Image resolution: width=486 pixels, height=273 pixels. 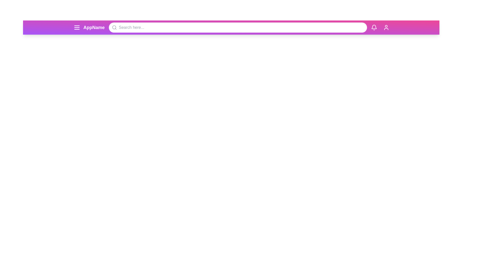 What do you see at coordinates (386, 27) in the screenshot?
I see `the user icon in the app bar` at bounding box center [386, 27].